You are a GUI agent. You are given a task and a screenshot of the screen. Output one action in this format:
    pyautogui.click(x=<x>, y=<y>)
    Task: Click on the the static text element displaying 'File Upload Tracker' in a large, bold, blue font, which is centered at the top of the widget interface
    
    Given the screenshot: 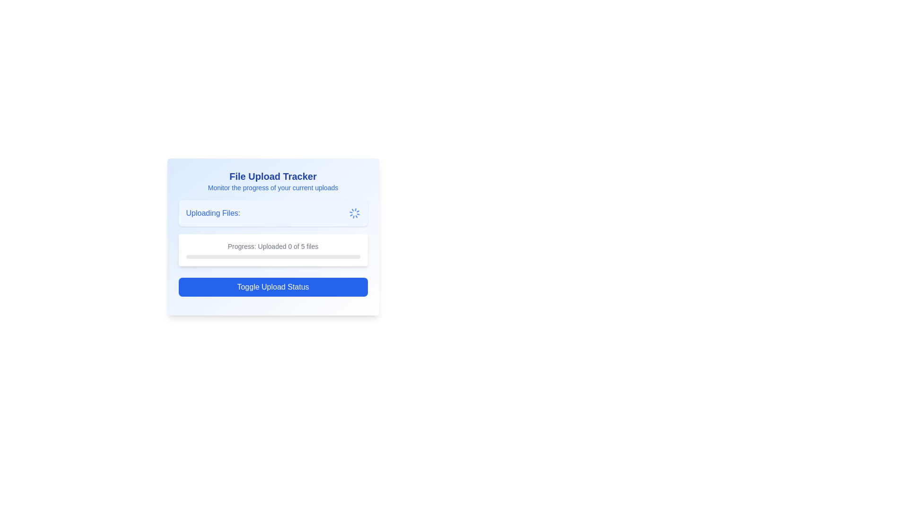 What is the action you would take?
    pyautogui.click(x=272, y=176)
    